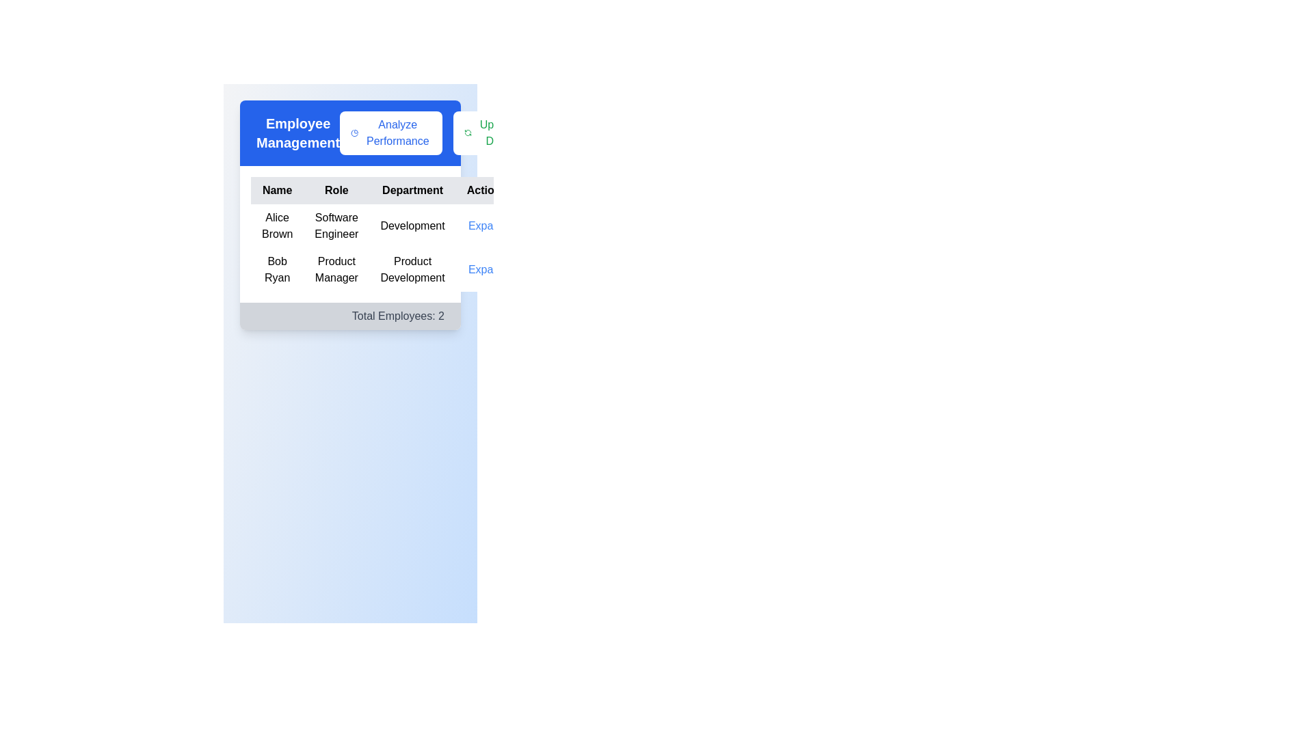  What do you see at coordinates (468, 133) in the screenshot?
I see `the refresh icon located to the left of the 'Update Data' button` at bounding box center [468, 133].